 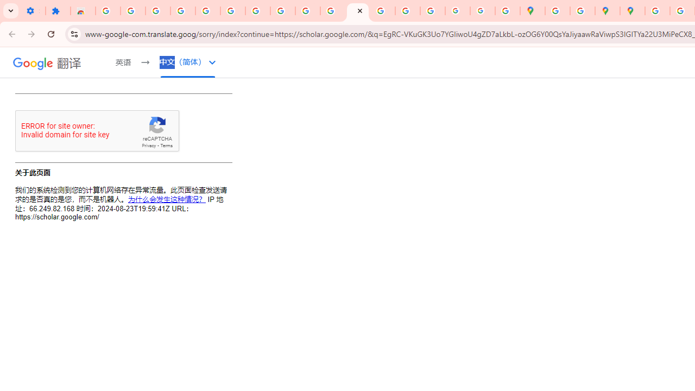 What do you see at coordinates (358, 11) in the screenshot?
I see `'https://scholar.google.com/'` at bounding box center [358, 11].